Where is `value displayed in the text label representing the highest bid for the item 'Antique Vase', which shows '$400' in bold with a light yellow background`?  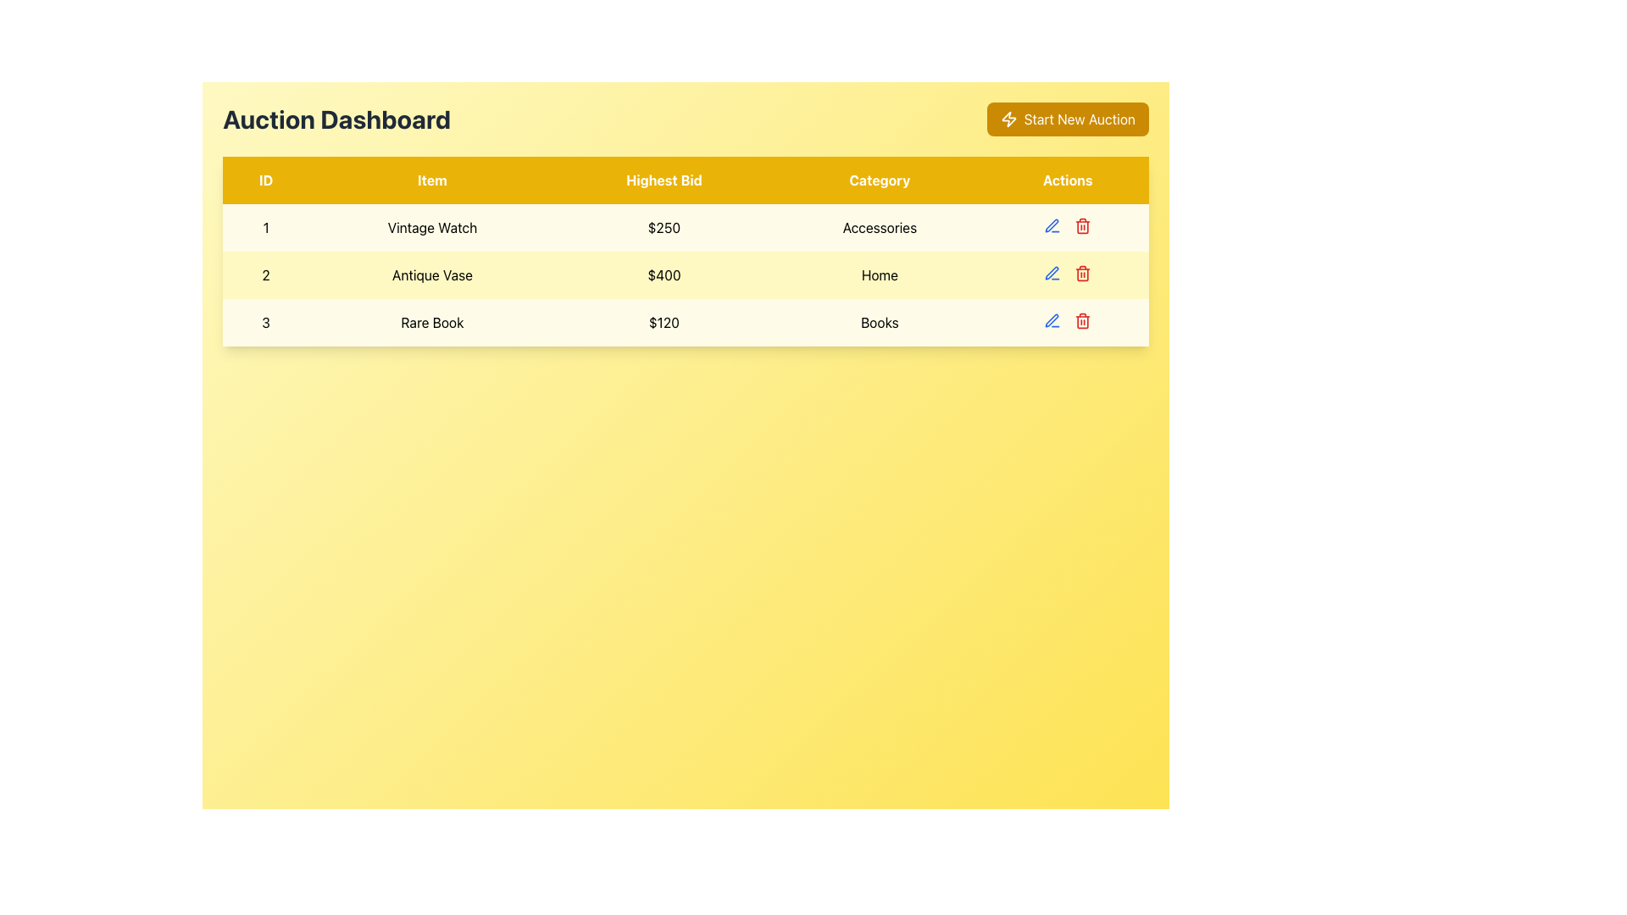
value displayed in the text label representing the highest bid for the item 'Antique Vase', which shows '$400' in bold with a light yellow background is located at coordinates (663, 274).